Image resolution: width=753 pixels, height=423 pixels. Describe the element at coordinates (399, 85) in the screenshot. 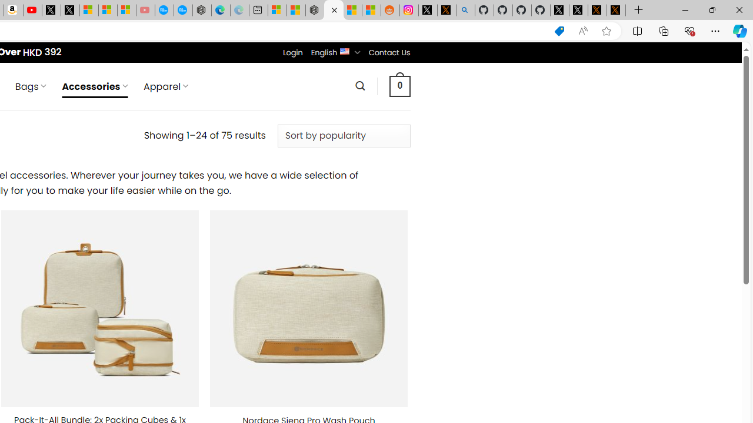

I see `'  0  '` at that location.